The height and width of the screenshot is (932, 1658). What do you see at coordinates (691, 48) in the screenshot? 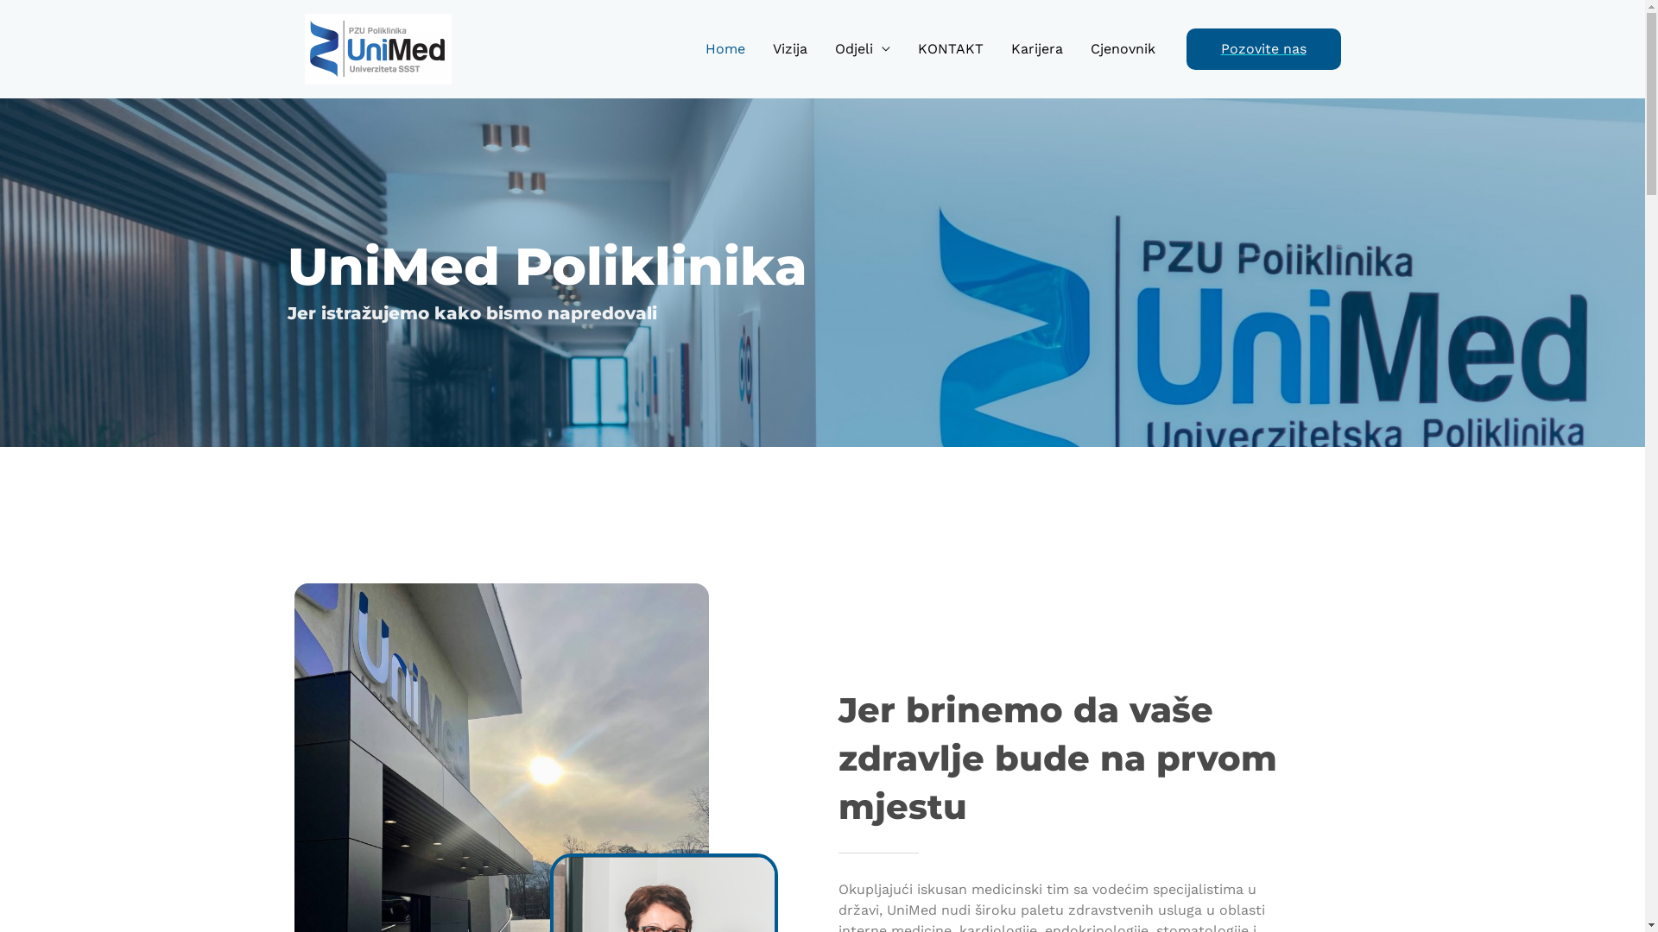
I see `'Home'` at bounding box center [691, 48].